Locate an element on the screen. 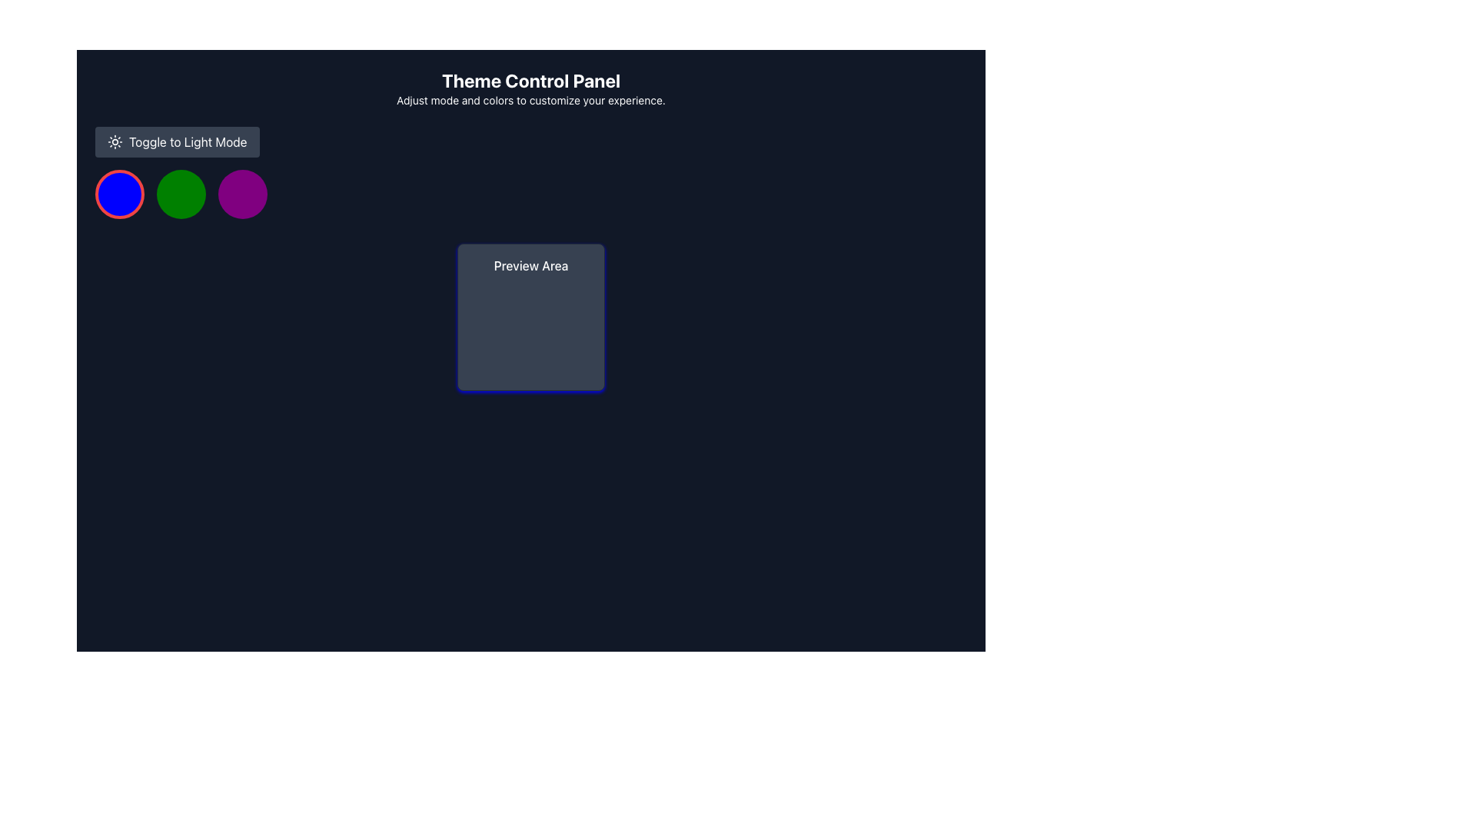  the static text header 'Theme Control Panel' which is prominently displayed at the top center of the interface is located at coordinates (531, 80).